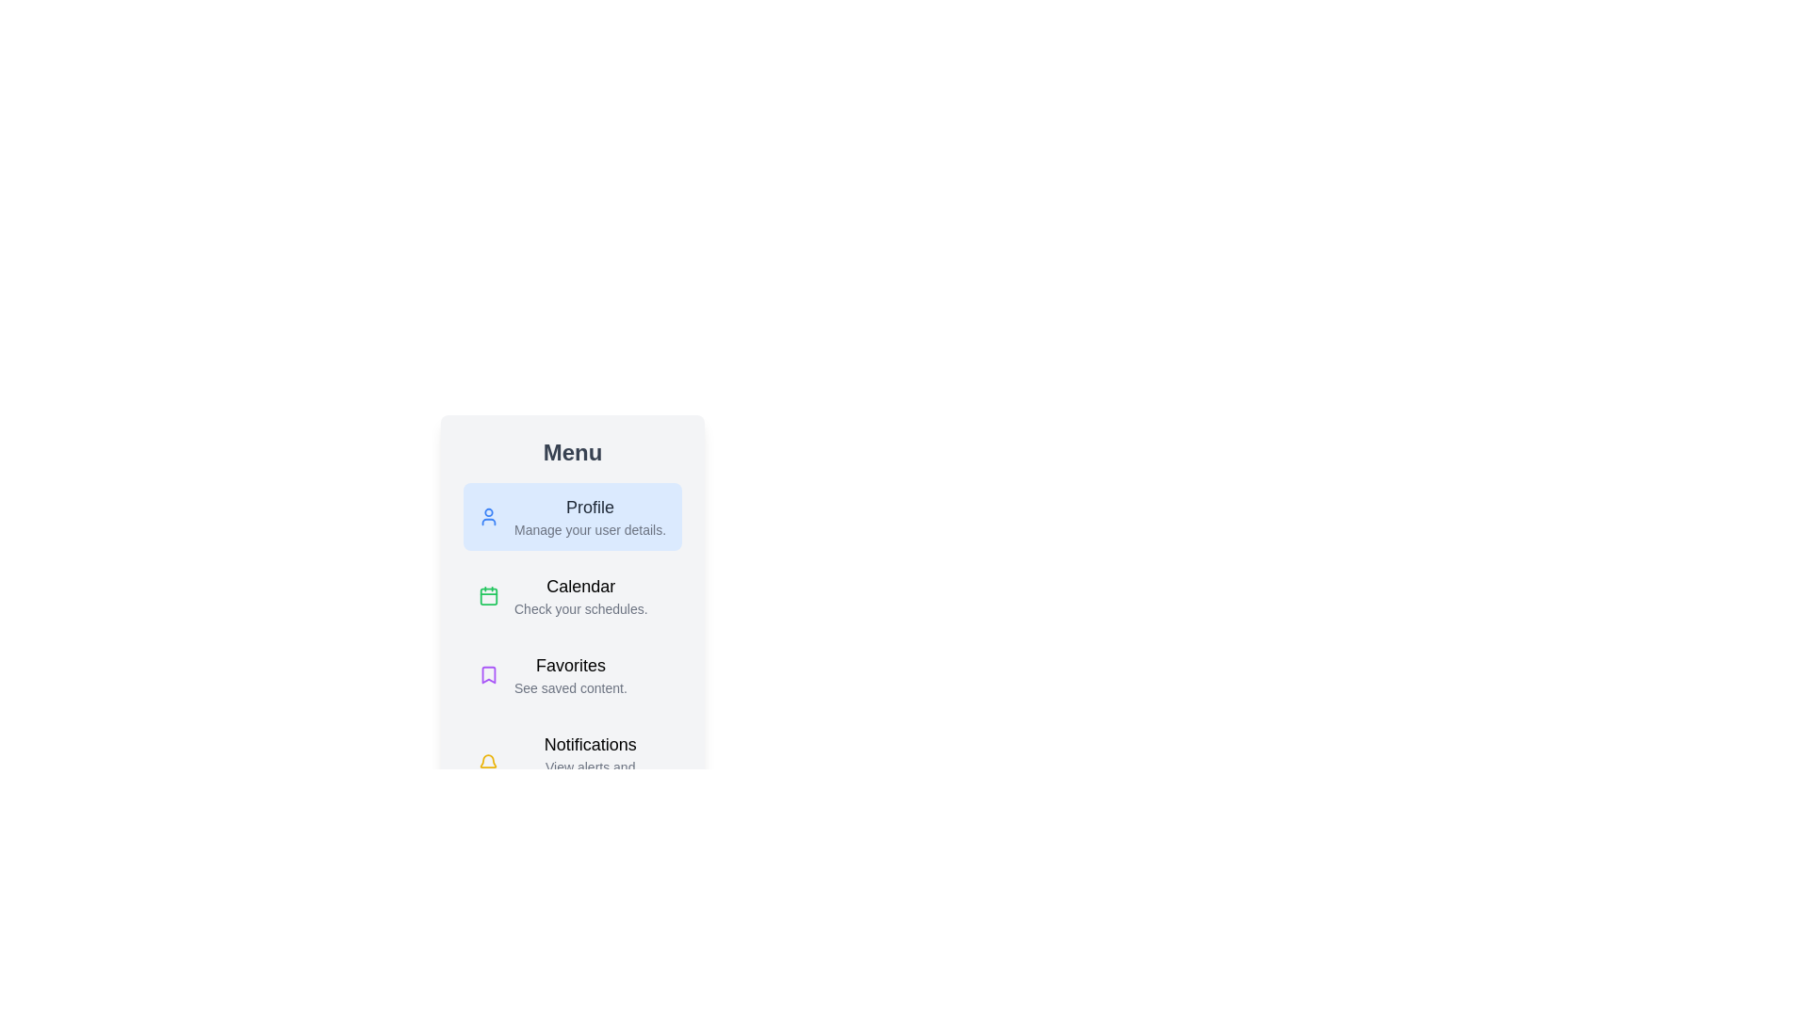 The width and height of the screenshot is (1809, 1017). What do you see at coordinates (572, 674) in the screenshot?
I see `the text of the menu item Favorites for copying` at bounding box center [572, 674].